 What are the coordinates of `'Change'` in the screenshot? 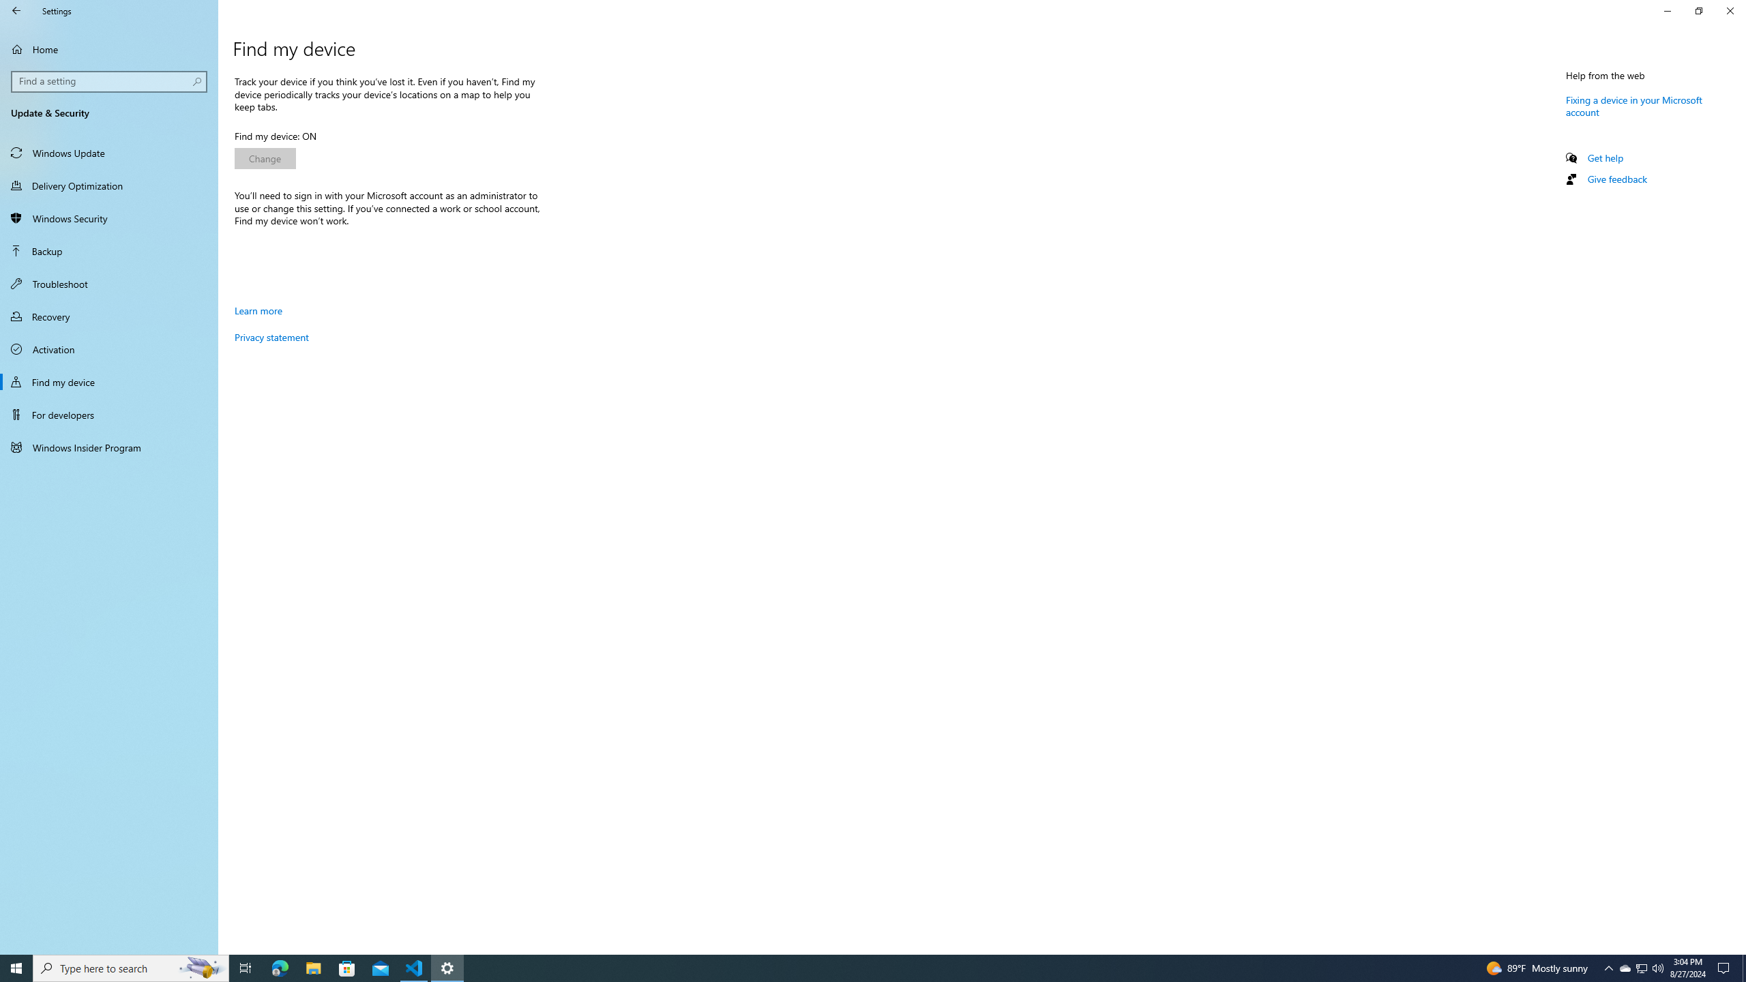 It's located at (265, 158).